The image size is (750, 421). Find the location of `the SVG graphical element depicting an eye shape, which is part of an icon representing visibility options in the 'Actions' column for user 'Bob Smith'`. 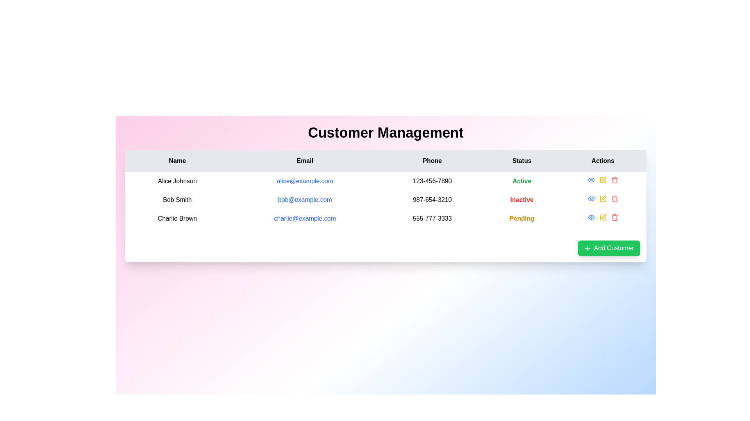

the SVG graphical element depicting an eye shape, which is part of an icon representing visibility options in the 'Actions' column for user 'Bob Smith' is located at coordinates (591, 218).